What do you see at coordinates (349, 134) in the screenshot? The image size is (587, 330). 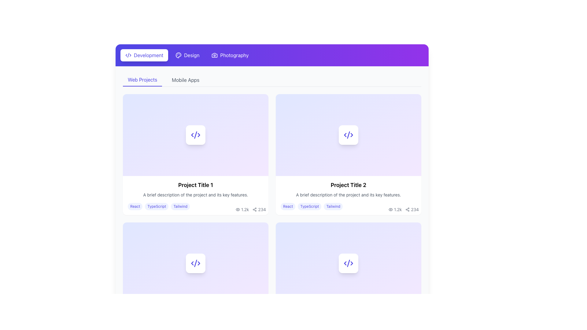 I see `the icon representing the programming project located at the center of the highlighted card labeled 'Project Title 2' in the top-right quadrant of the grid layout` at bounding box center [349, 134].